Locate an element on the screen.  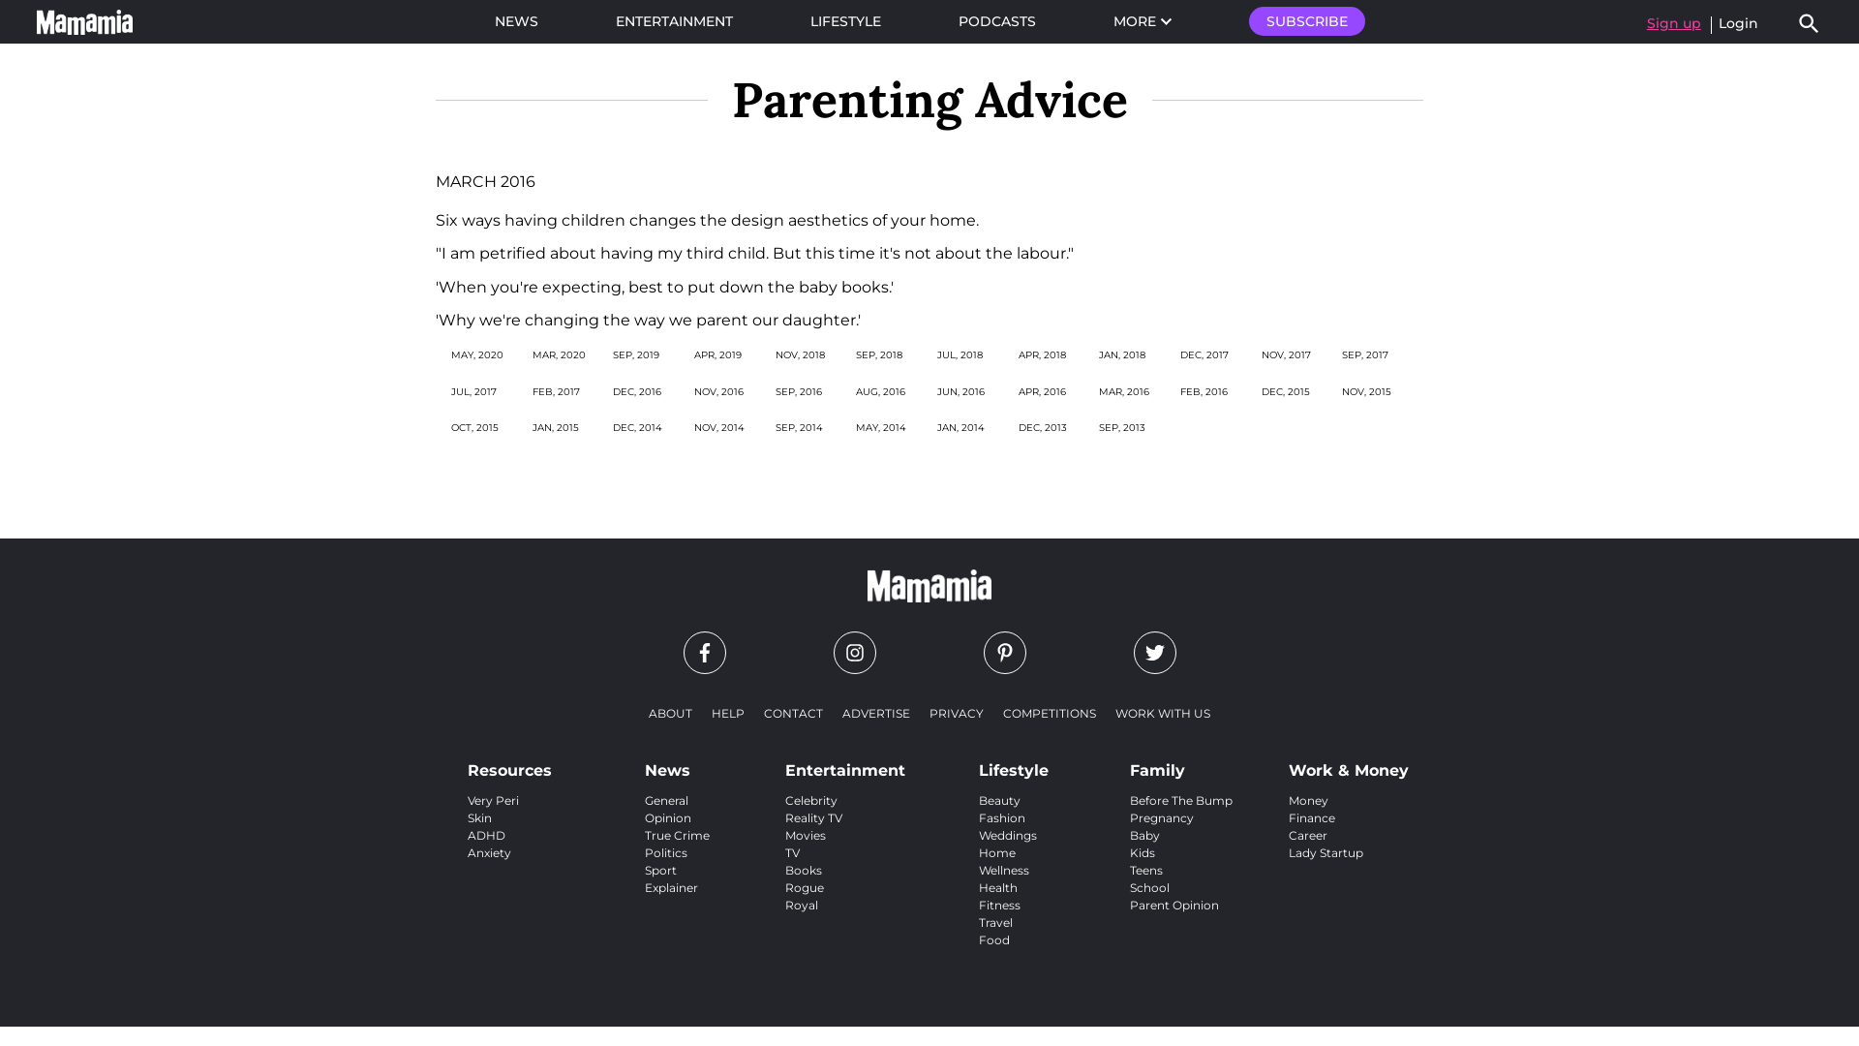
'LIFESTYLE' is located at coordinates (844, 21).